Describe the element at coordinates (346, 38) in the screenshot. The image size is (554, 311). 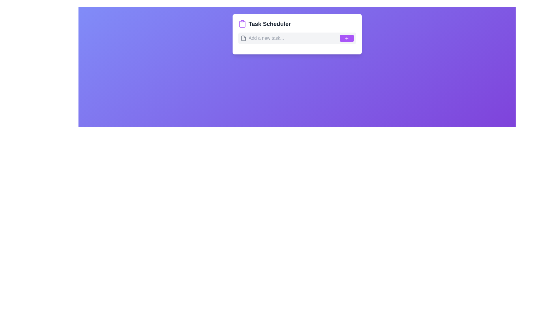
I see `the plus icon on the purple button` at that location.